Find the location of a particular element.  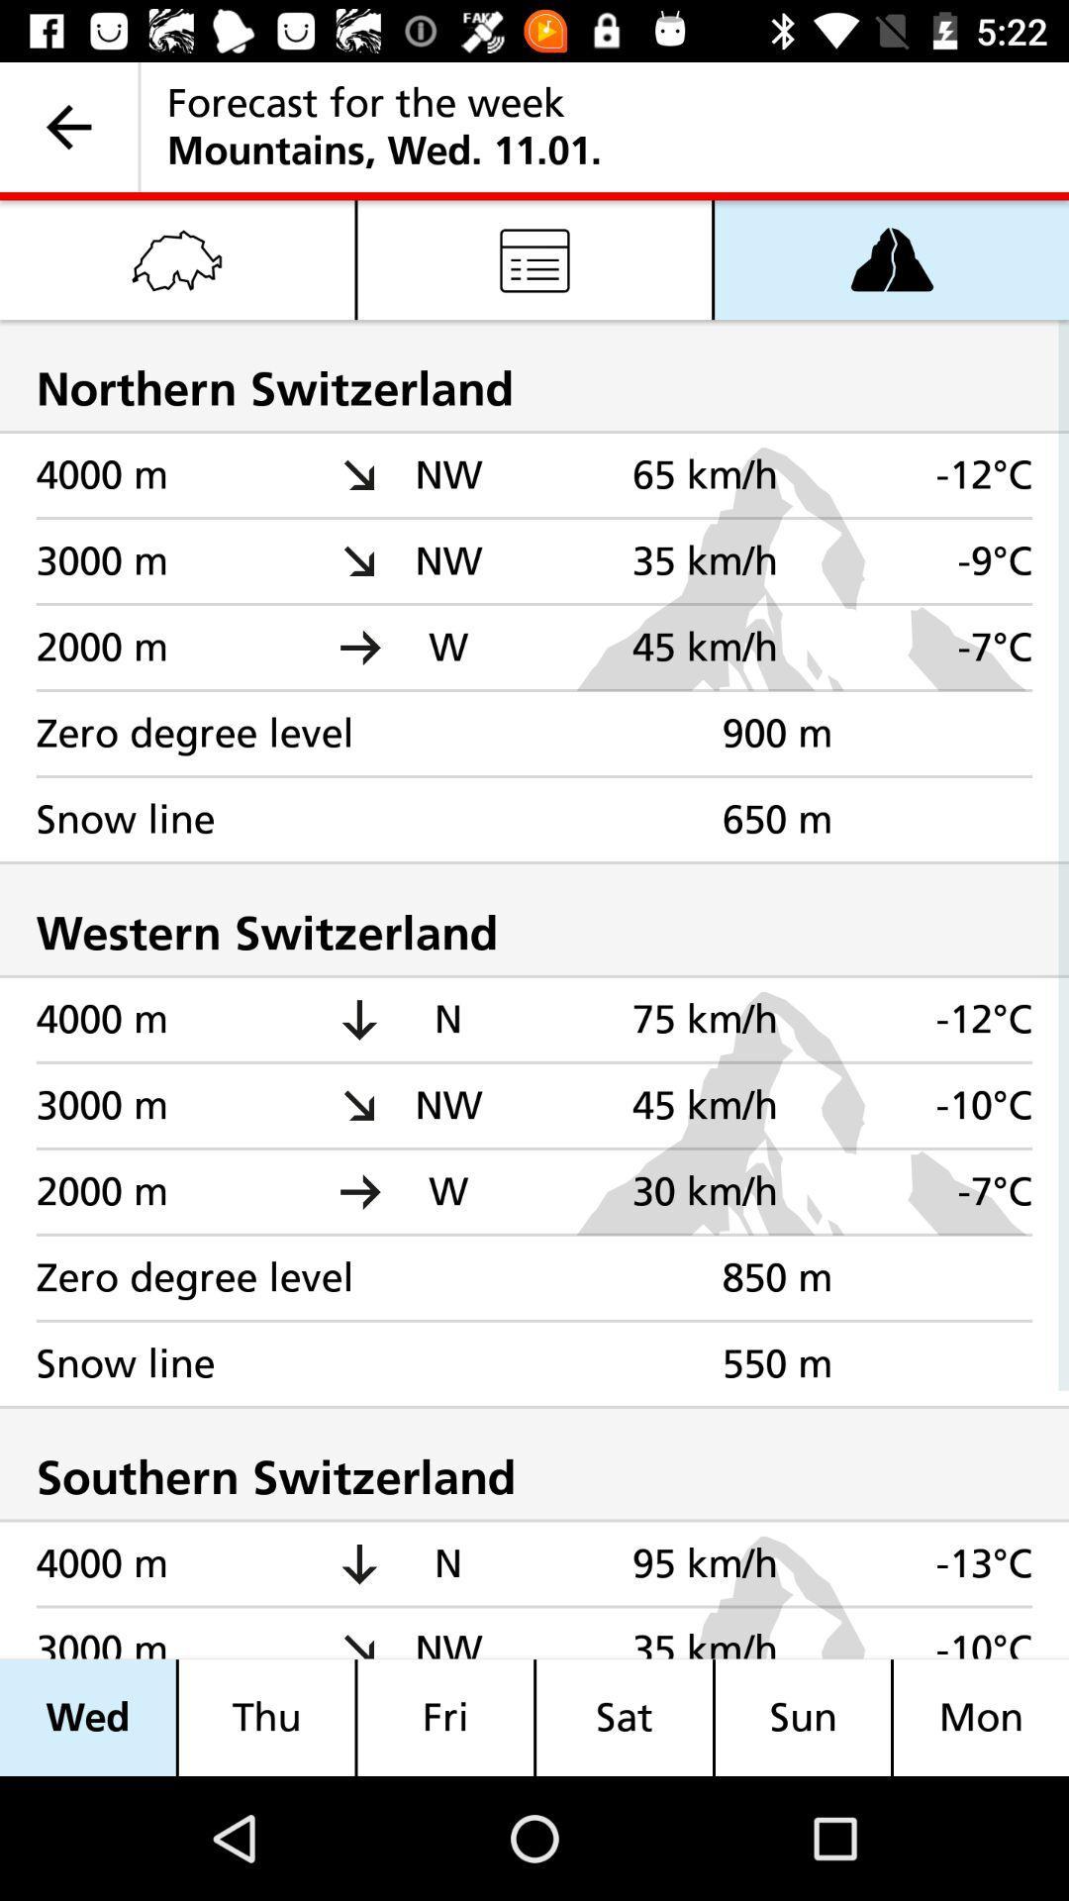

the item next to wed is located at coordinates (265, 1717).